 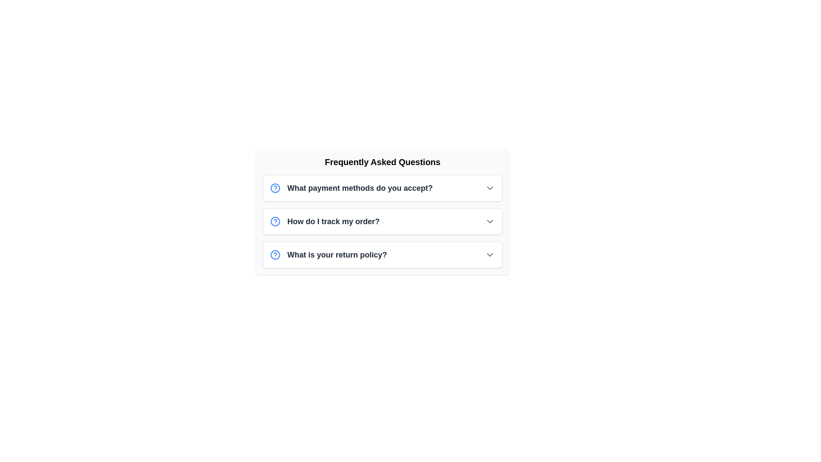 I want to click on the first FAQ item in the Dropdown list, so click(x=382, y=187).